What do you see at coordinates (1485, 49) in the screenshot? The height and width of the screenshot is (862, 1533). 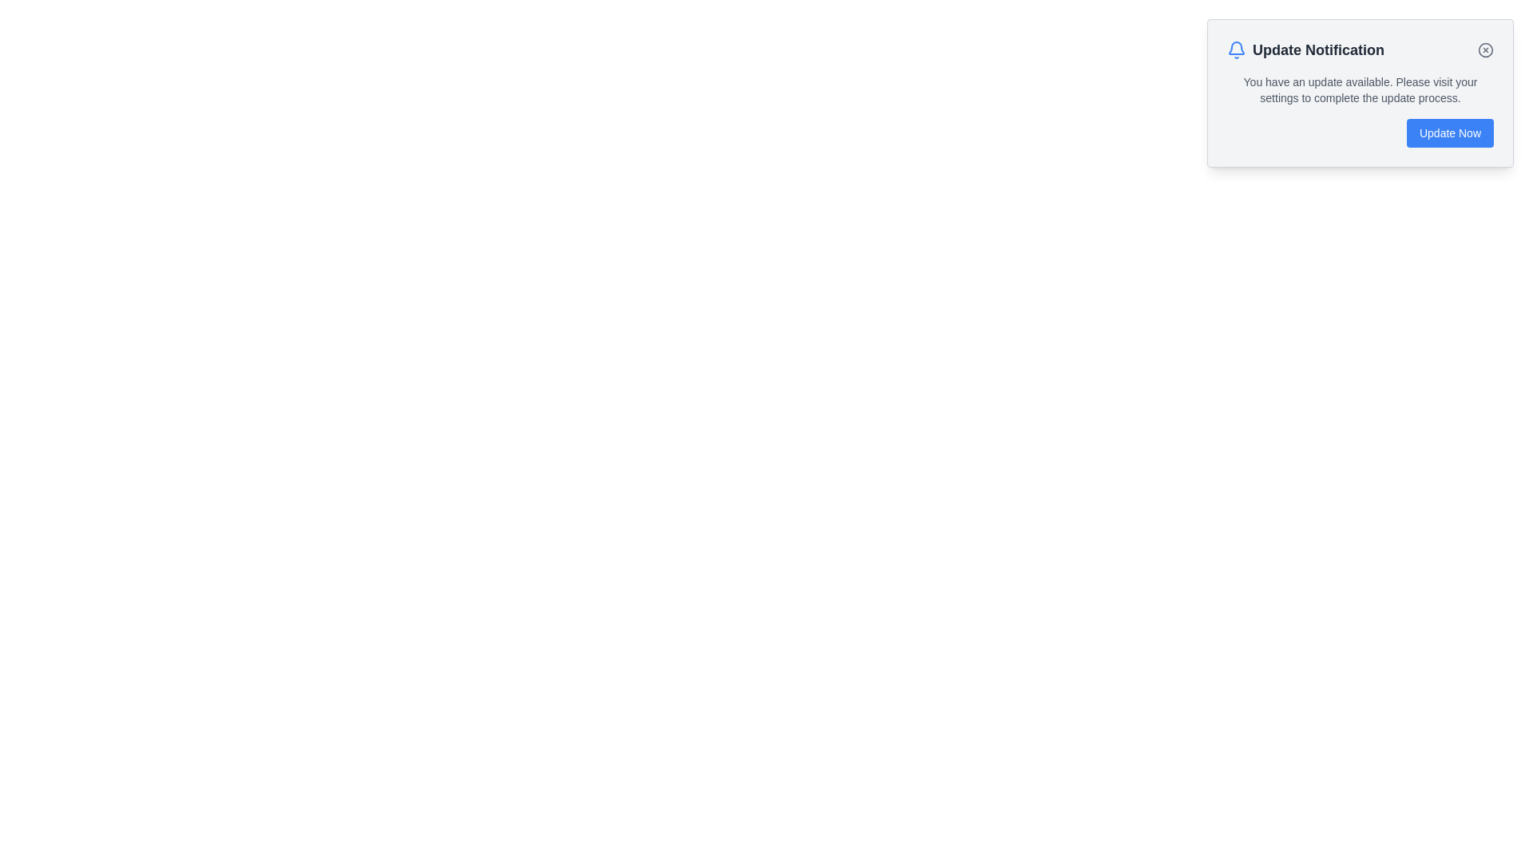 I see `the SVG Circle element that represents a dismiss action in the notification dialog, located at the top-right corner of the notification box` at bounding box center [1485, 49].